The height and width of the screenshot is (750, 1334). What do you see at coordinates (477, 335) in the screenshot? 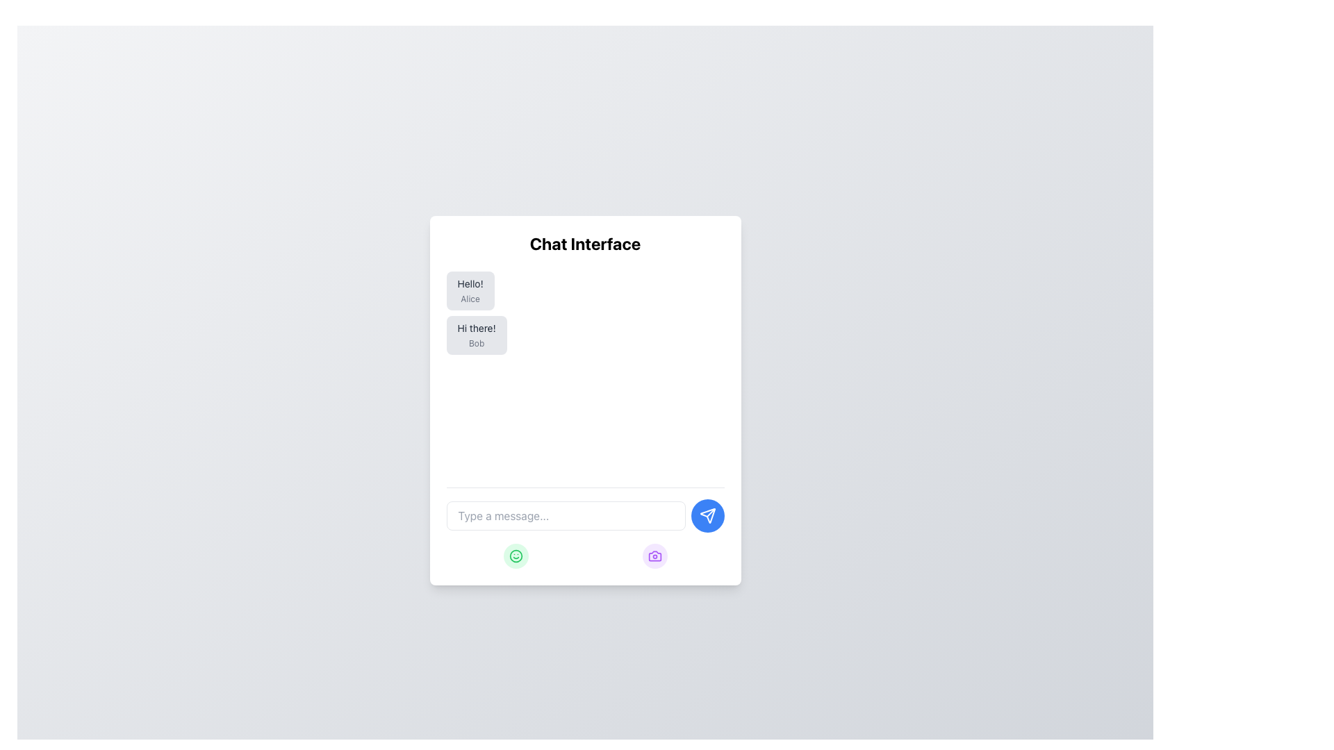
I see `the chat bubble displaying 'Hi there!' with the text 'Bob' inside it, which is aligned to the left of the message feed` at bounding box center [477, 335].